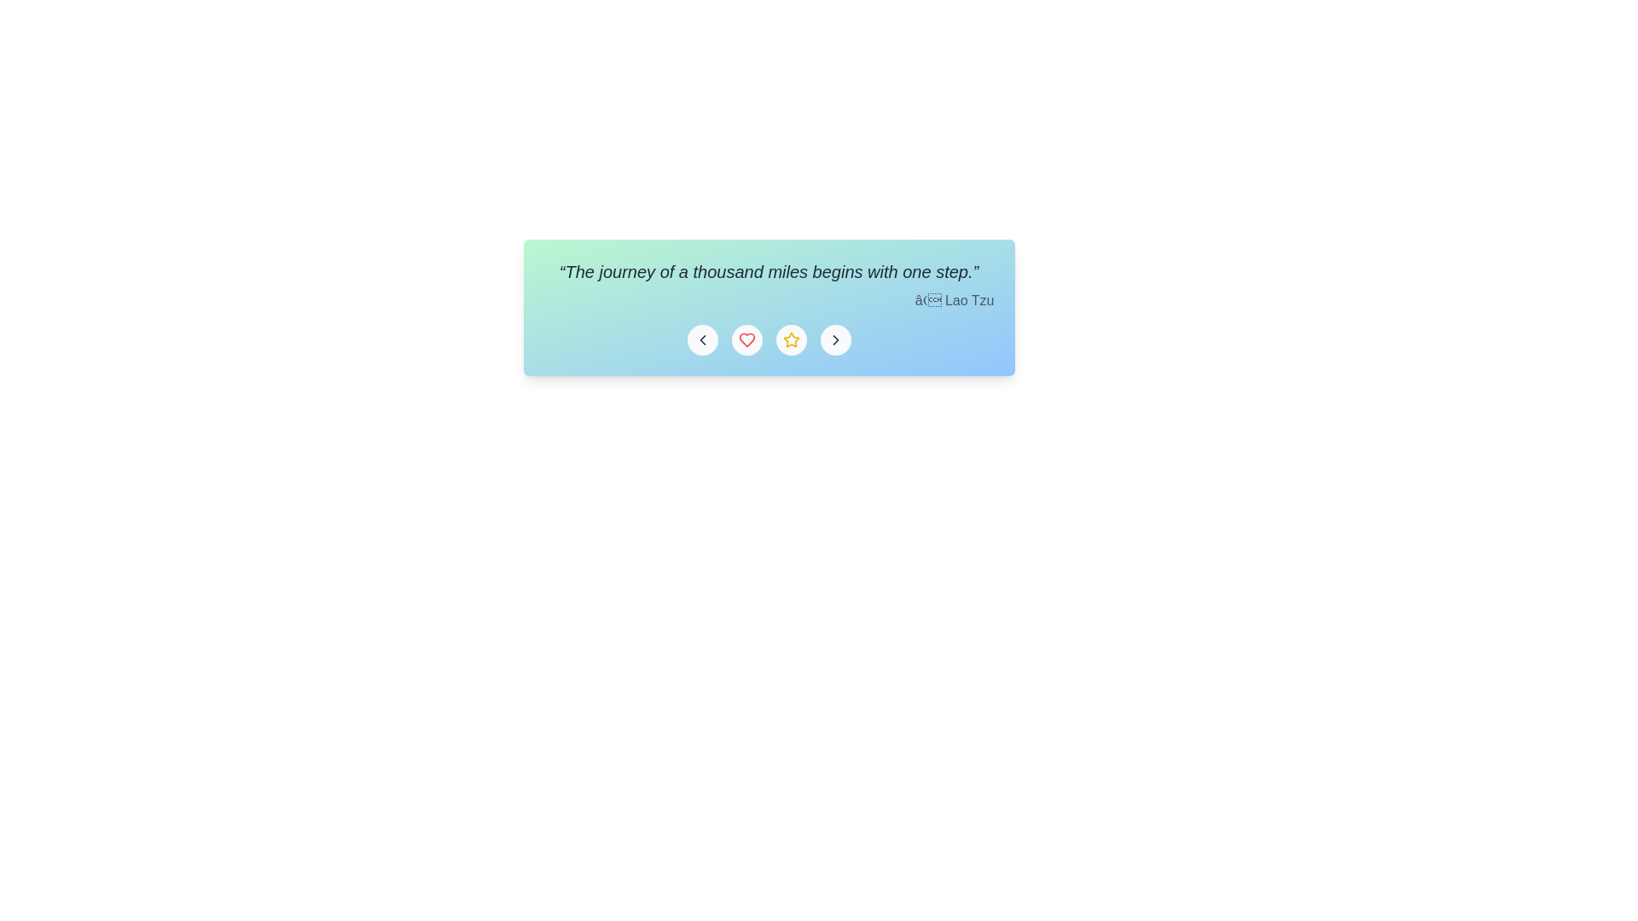 This screenshot has width=1638, height=921. Describe the element at coordinates (702, 339) in the screenshot. I see `the first button from the left in the horizontal row` at that location.